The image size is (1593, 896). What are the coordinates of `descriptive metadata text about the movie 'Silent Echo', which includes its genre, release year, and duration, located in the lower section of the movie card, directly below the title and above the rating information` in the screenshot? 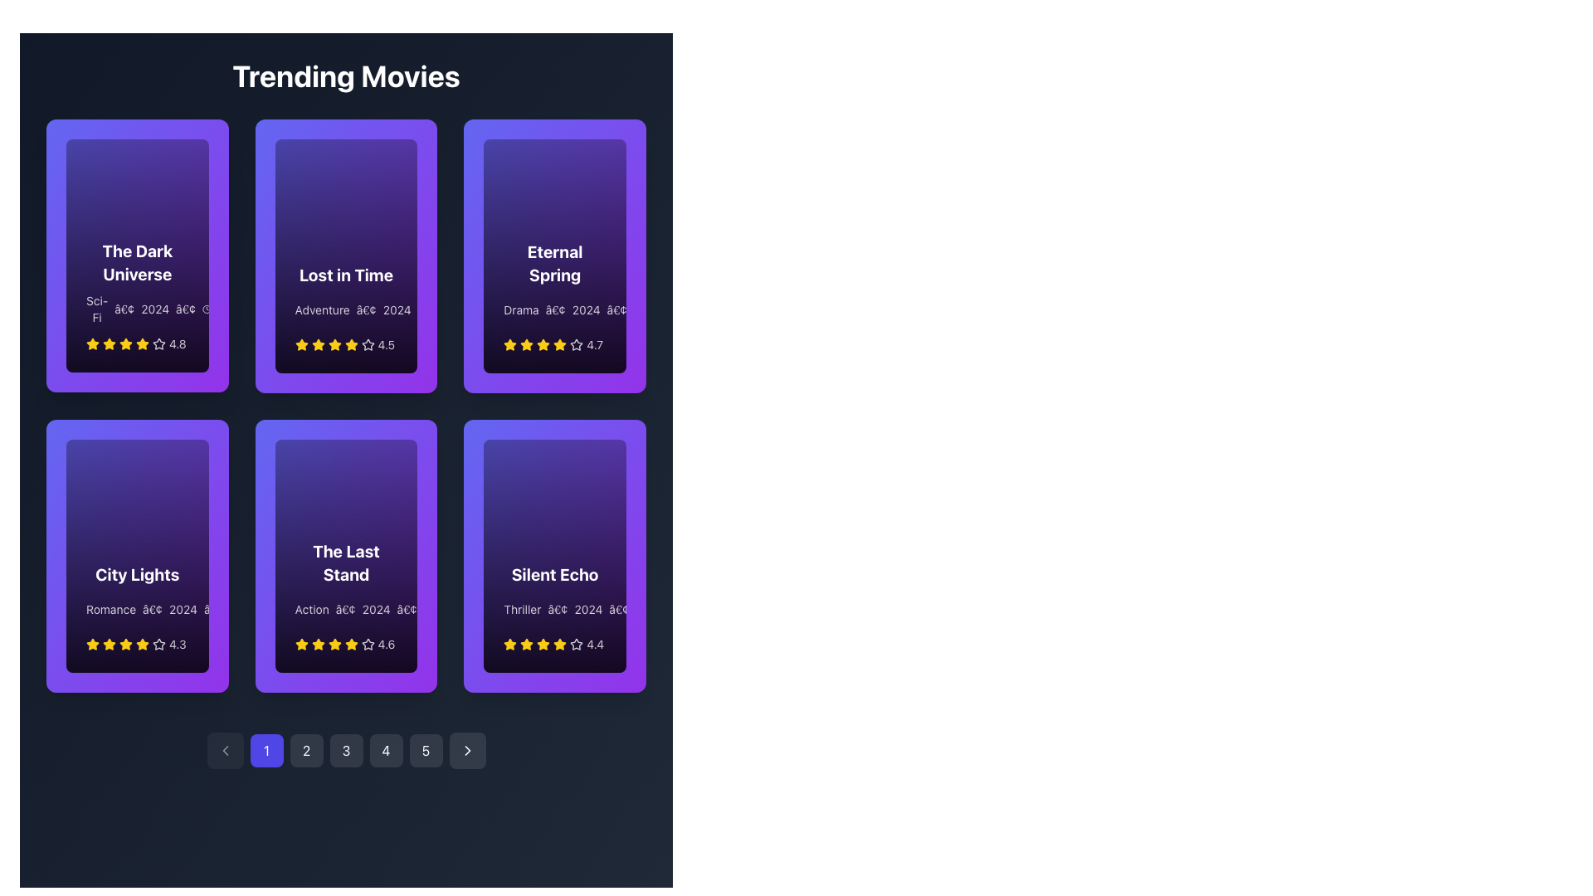 It's located at (555, 610).